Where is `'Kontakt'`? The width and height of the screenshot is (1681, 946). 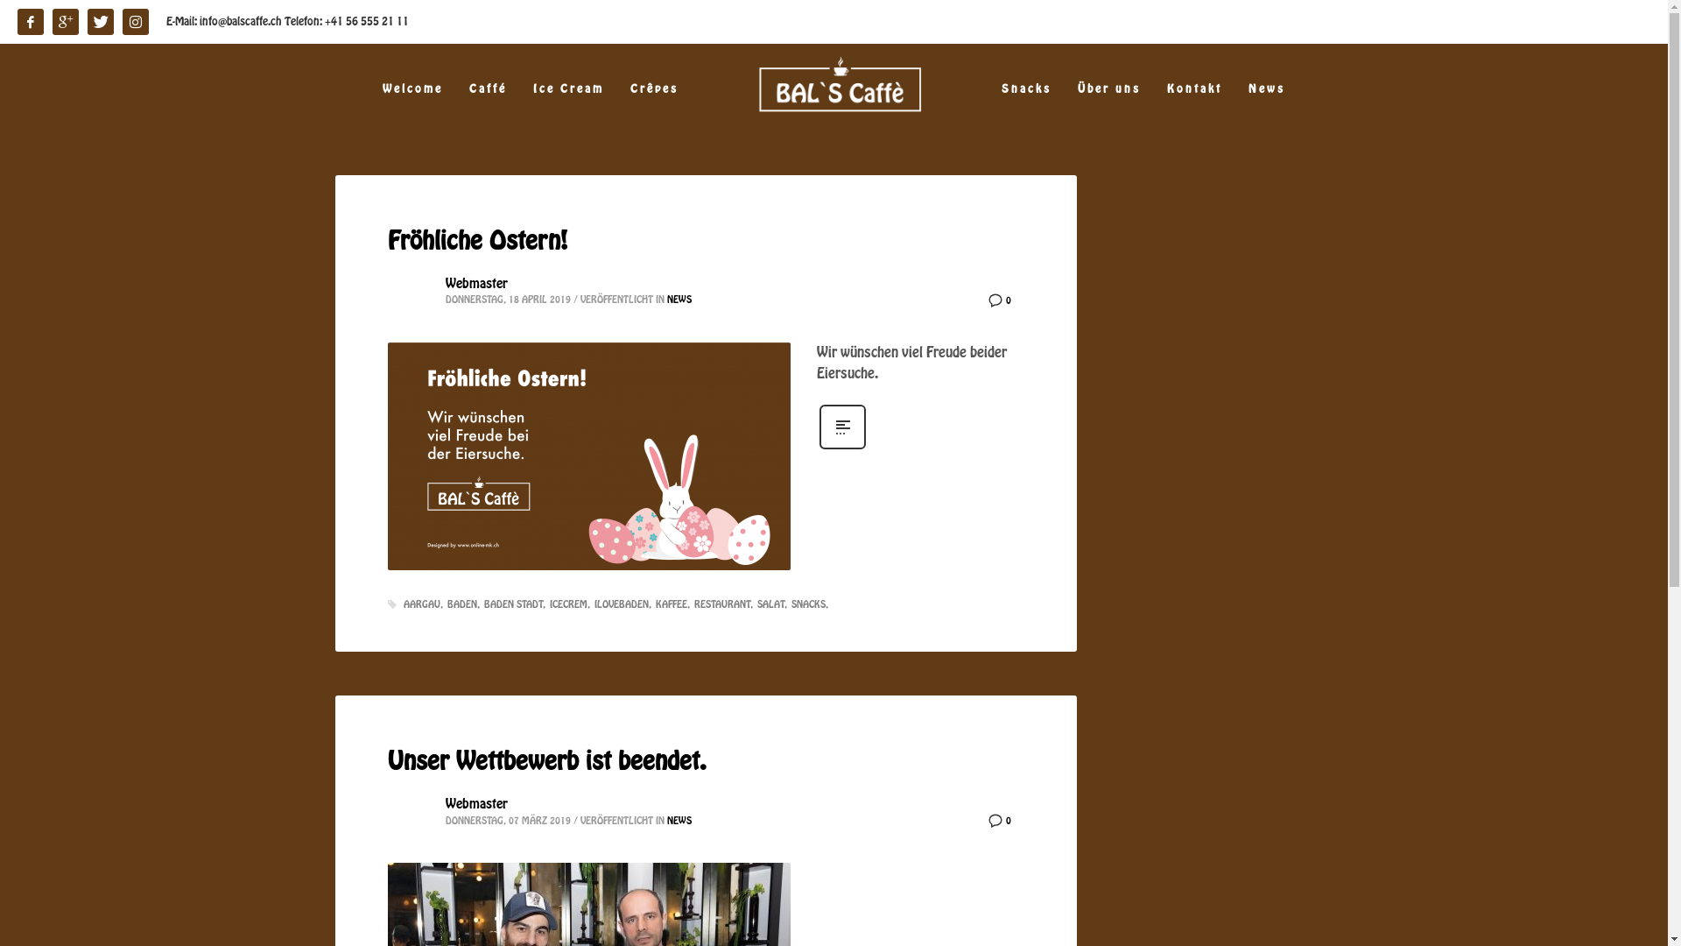 'Kontakt' is located at coordinates (1193, 88).